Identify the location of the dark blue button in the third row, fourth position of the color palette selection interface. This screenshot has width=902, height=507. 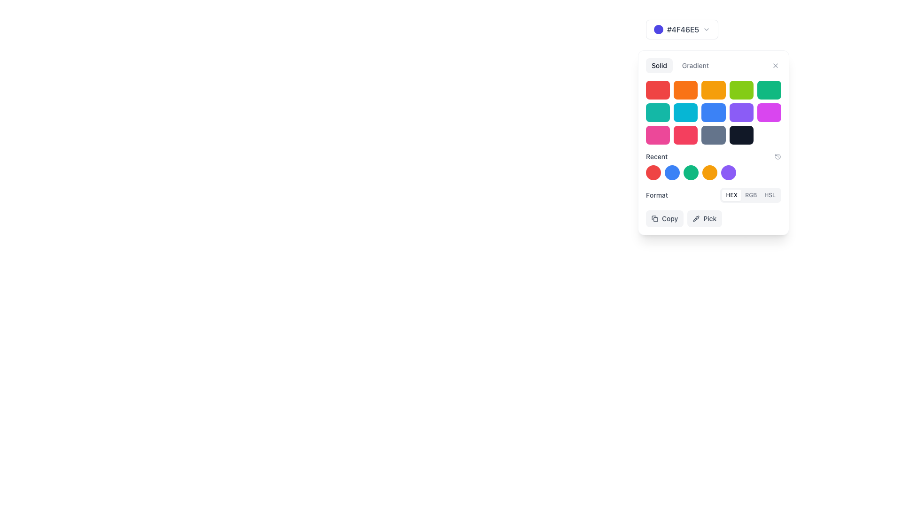
(713, 143).